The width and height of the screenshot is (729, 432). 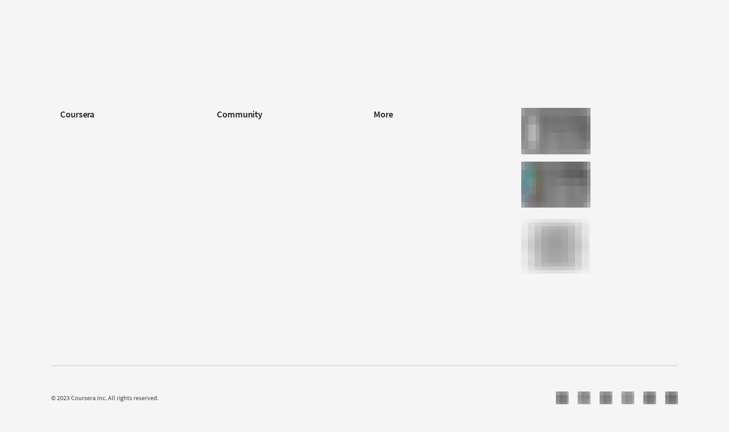 What do you see at coordinates (233, 158) in the screenshot?
I see `'Beta Testers'` at bounding box center [233, 158].